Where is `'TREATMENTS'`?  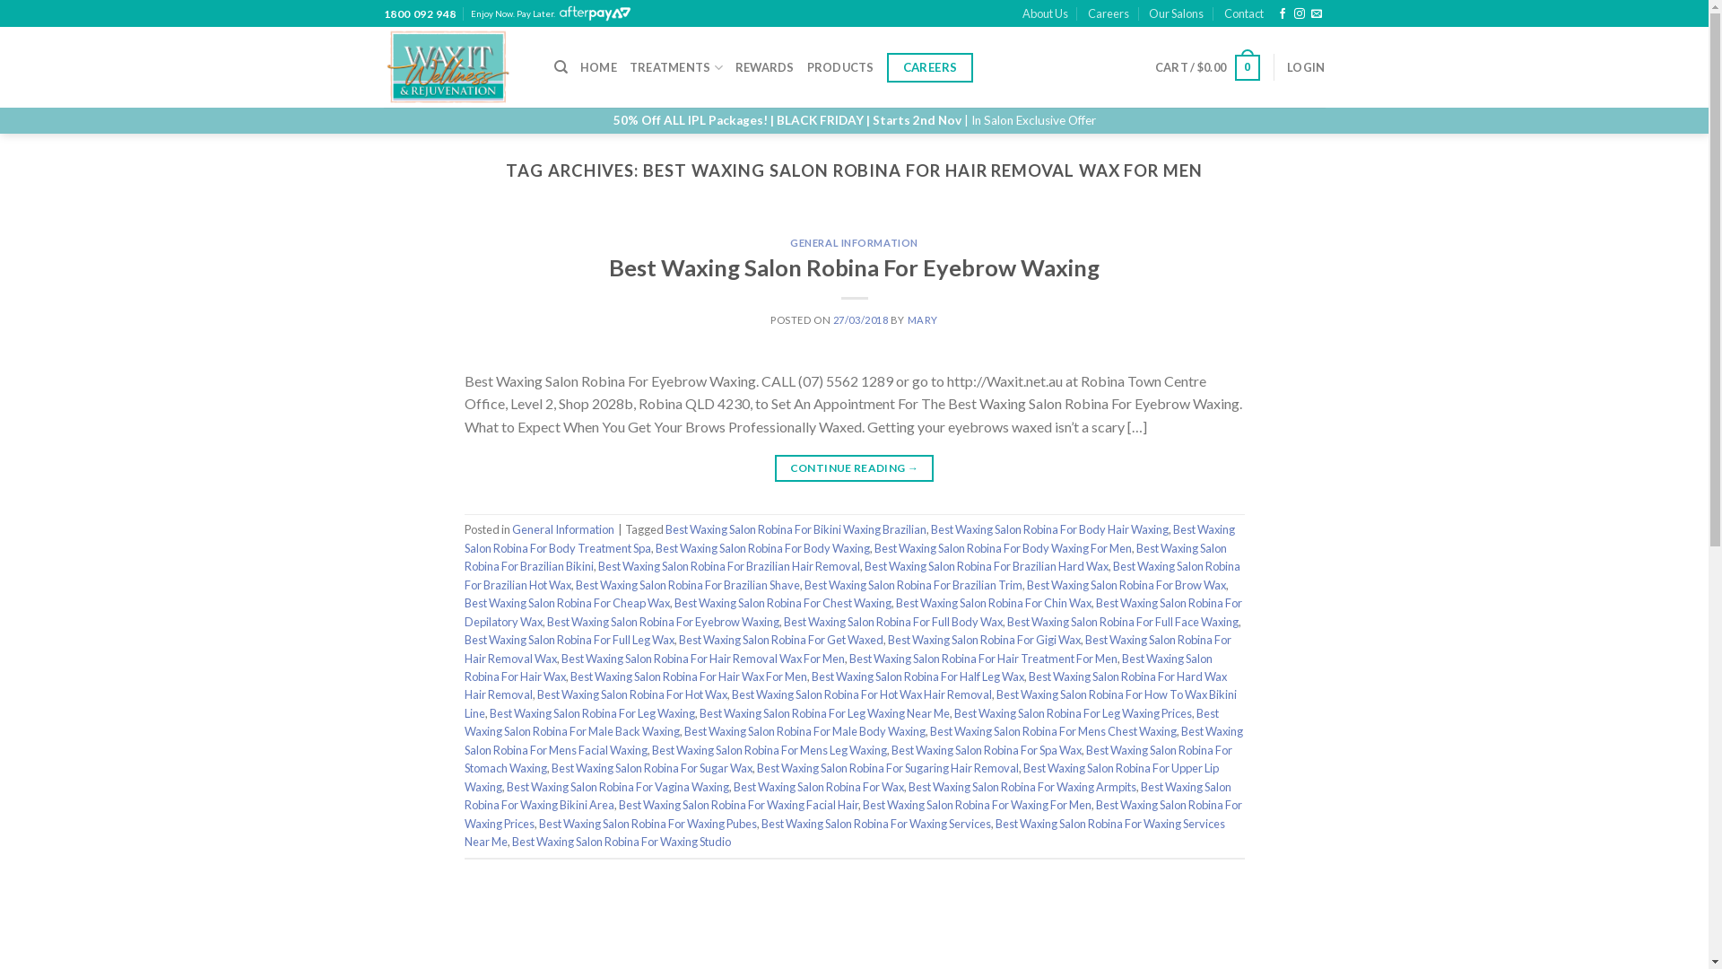
'TREATMENTS' is located at coordinates (629, 66).